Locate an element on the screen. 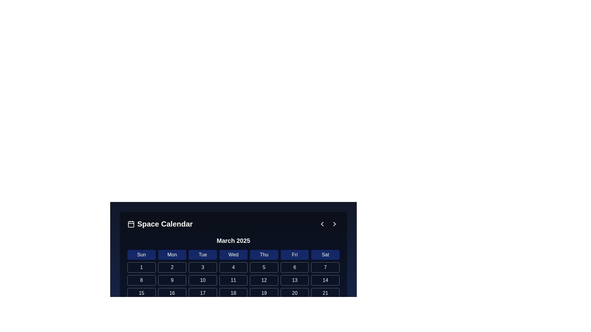 The height and width of the screenshot is (332, 591). the calendar day cell displaying the numeral '4', located in the first week row and fourth column under the 'Wed' header is located at coordinates (233, 267).